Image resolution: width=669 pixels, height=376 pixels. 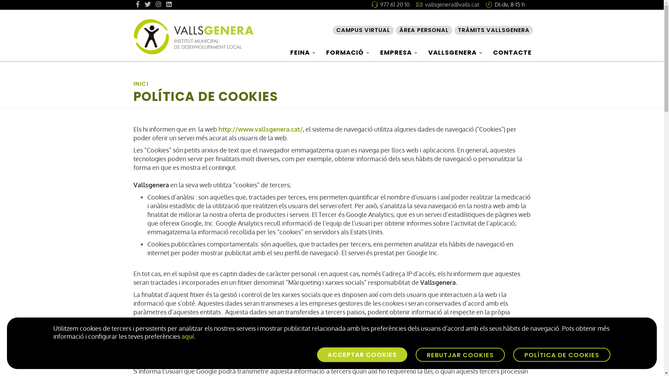 What do you see at coordinates (252, 321) in the screenshot?
I see `'https://policies.google.com/privacy?hl=es'` at bounding box center [252, 321].